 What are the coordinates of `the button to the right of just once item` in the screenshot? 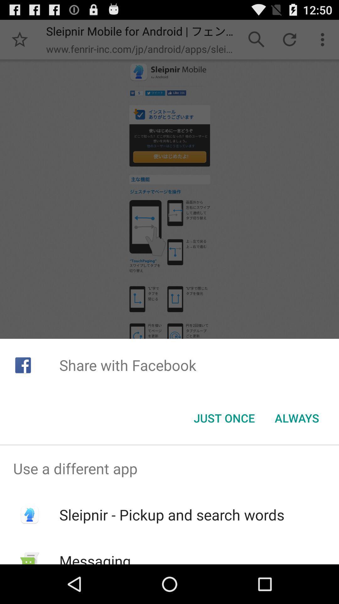 It's located at (297, 418).